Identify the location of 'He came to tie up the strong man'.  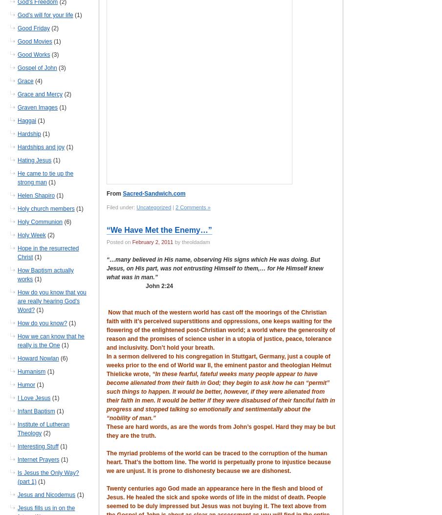
(45, 178).